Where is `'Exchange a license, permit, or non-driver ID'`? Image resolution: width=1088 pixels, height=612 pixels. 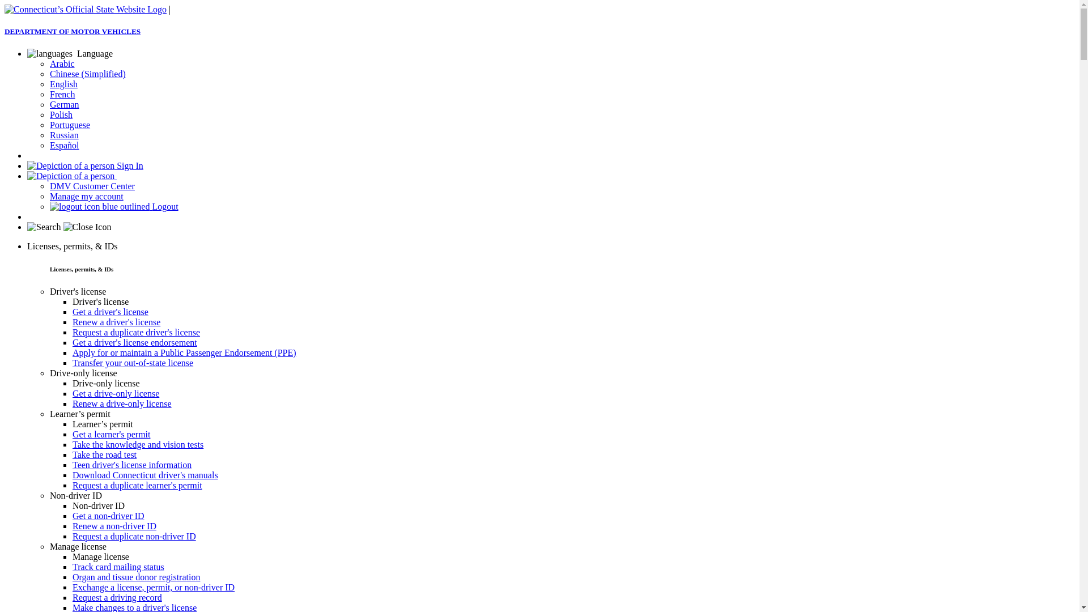
'Exchange a license, permit, or non-driver ID' is located at coordinates (152, 586).